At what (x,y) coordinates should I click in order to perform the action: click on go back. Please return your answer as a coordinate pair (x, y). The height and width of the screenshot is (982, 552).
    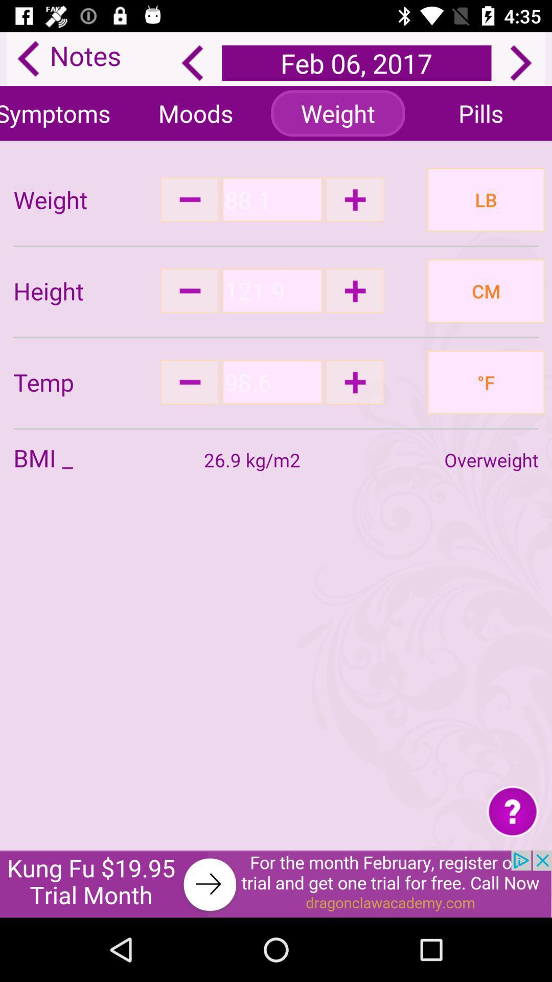
    Looking at the image, I should click on (192, 62).